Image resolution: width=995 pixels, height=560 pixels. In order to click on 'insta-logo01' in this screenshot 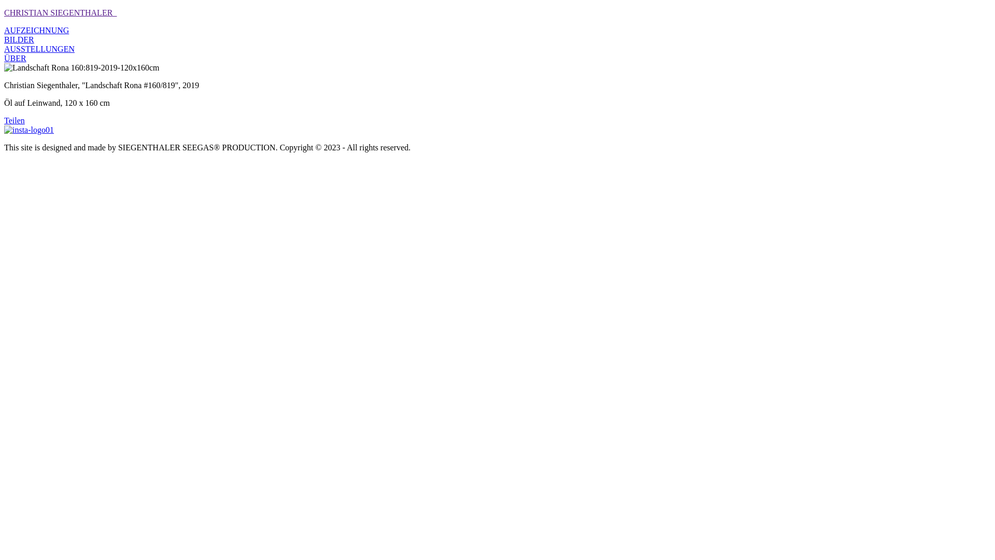, I will do `click(29, 129)`.